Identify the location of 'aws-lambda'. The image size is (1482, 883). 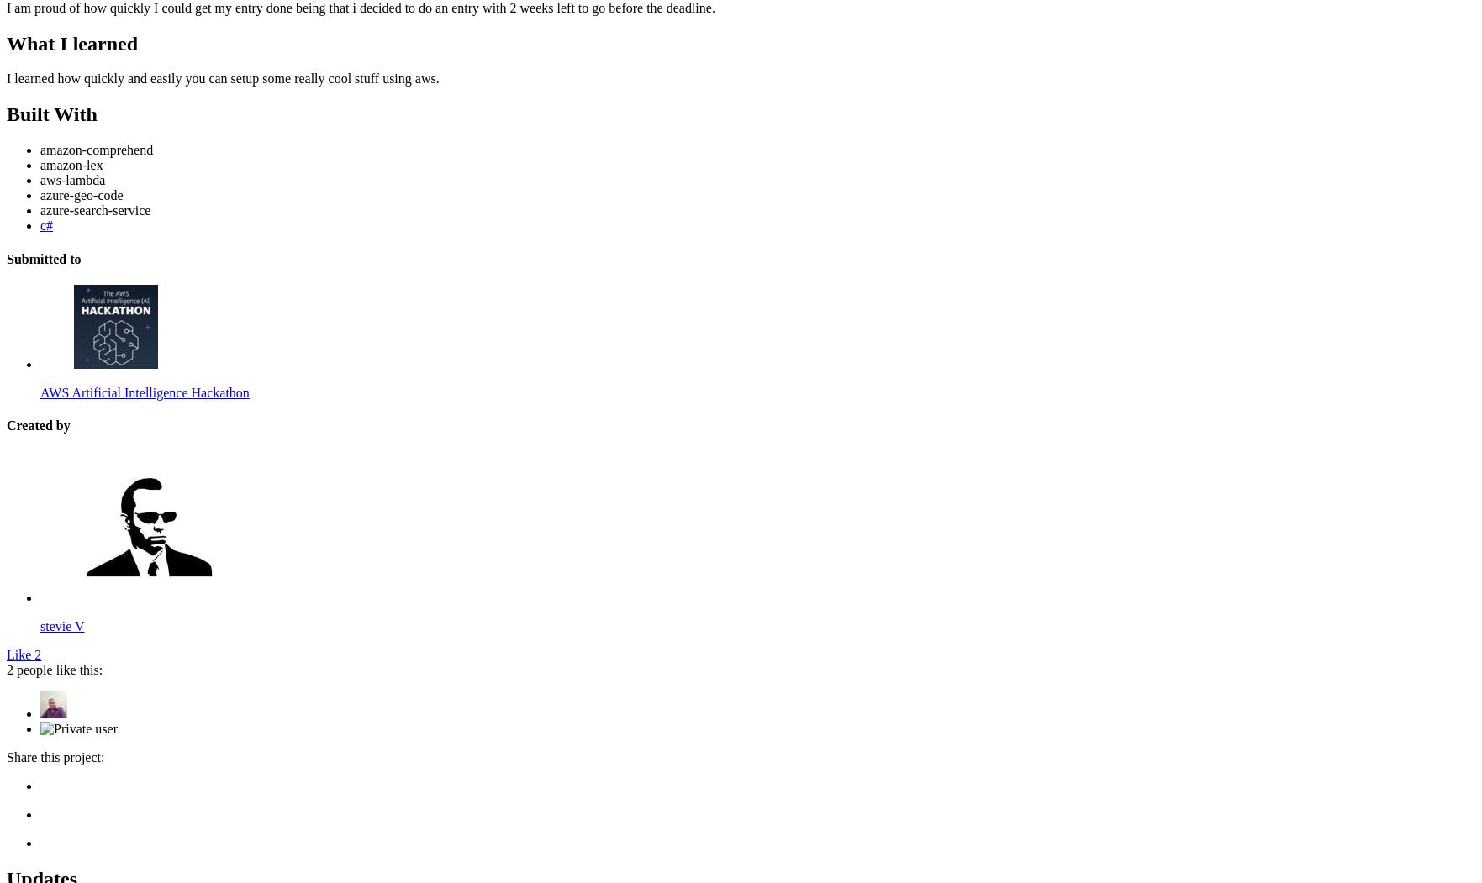
(40, 179).